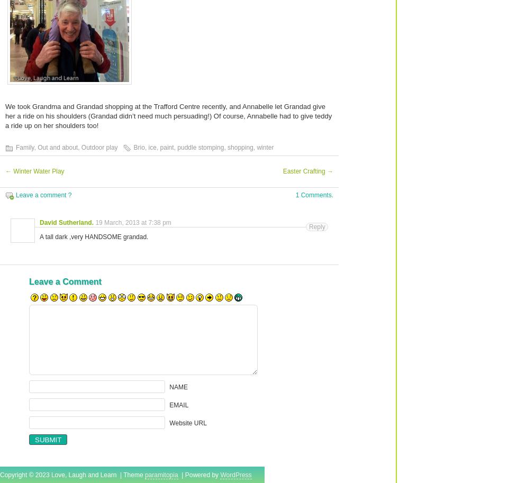  What do you see at coordinates (169, 386) in the screenshot?
I see `'NAME'` at bounding box center [169, 386].